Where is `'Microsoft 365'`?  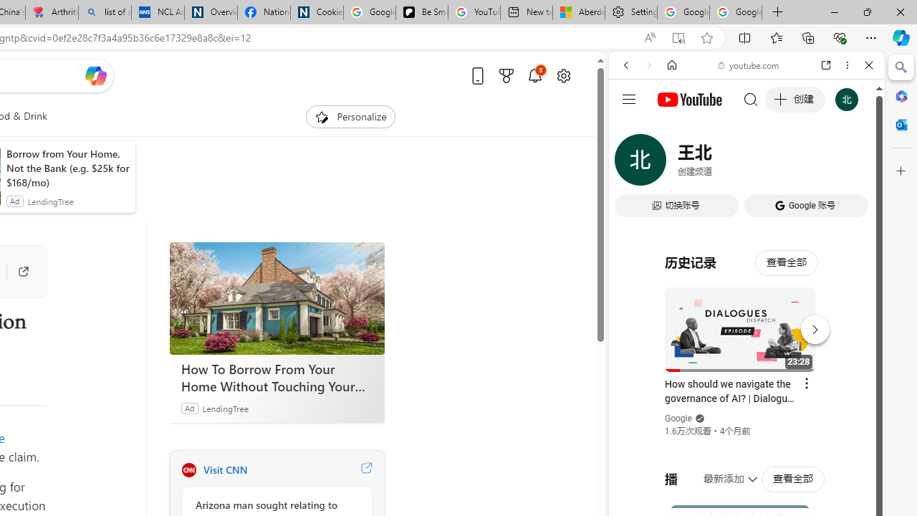
'Microsoft 365' is located at coordinates (901, 95).